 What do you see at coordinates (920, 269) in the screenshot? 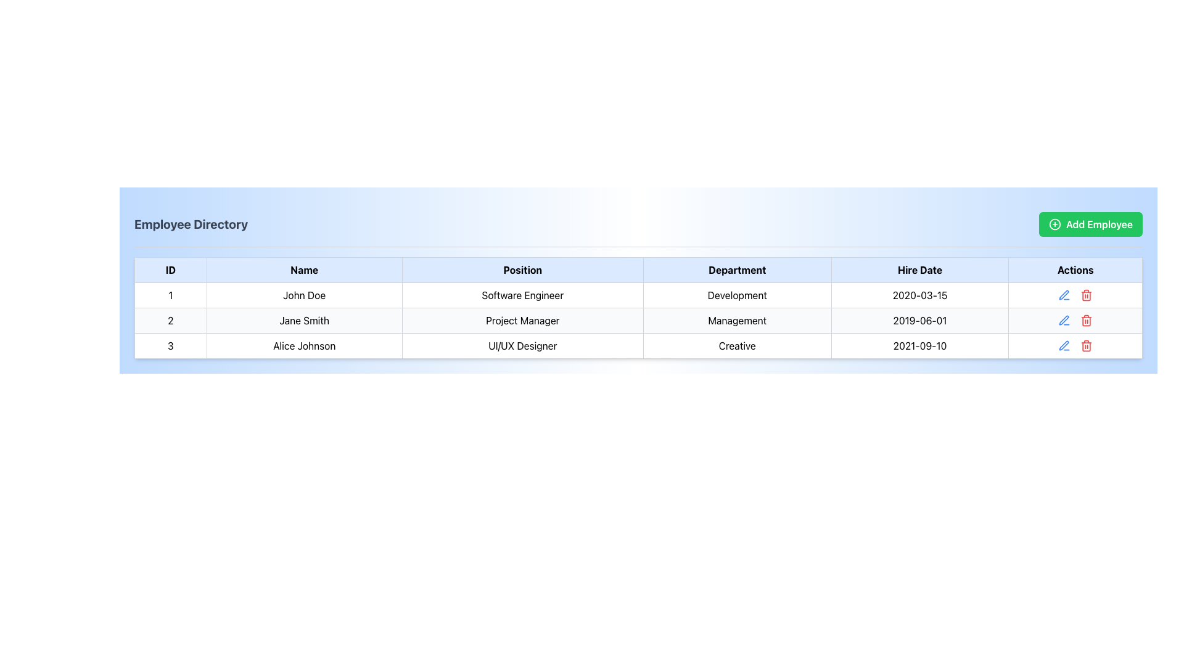
I see `the 'Hire Date' header label in the data table, which is positioned between the 'Department' and 'Actions' headers` at bounding box center [920, 269].